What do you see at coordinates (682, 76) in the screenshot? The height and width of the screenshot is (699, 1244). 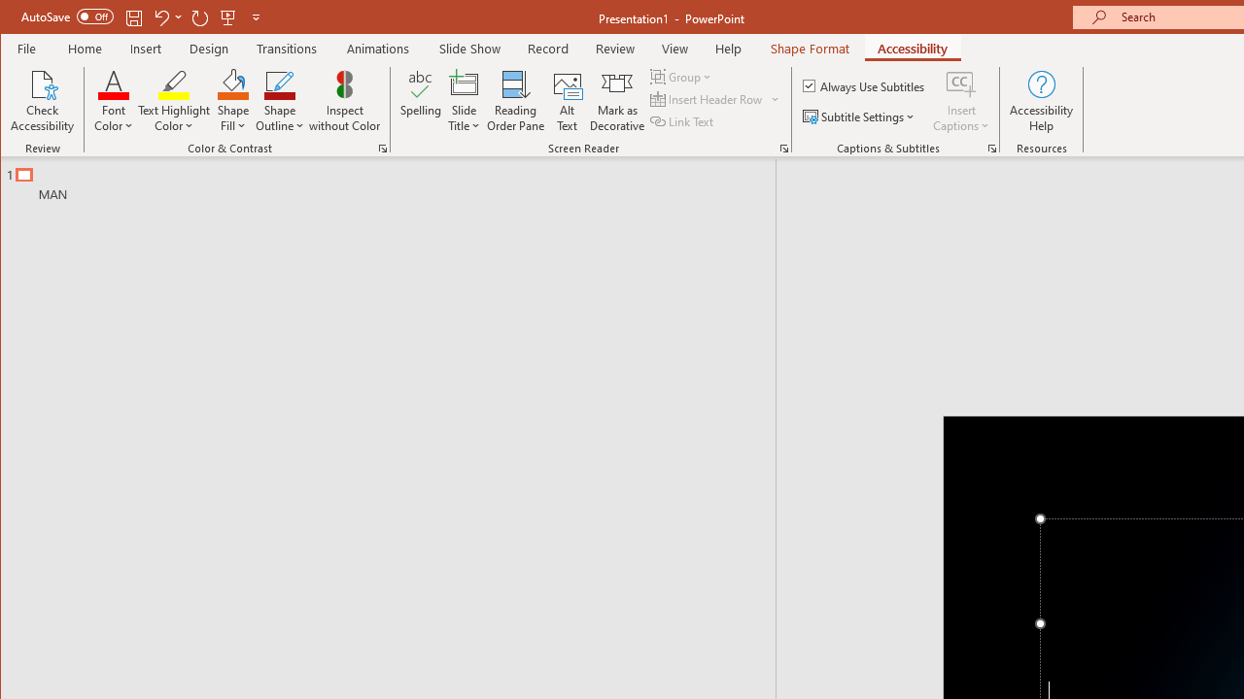 I see `'Group'` at bounding box center [682, 76].